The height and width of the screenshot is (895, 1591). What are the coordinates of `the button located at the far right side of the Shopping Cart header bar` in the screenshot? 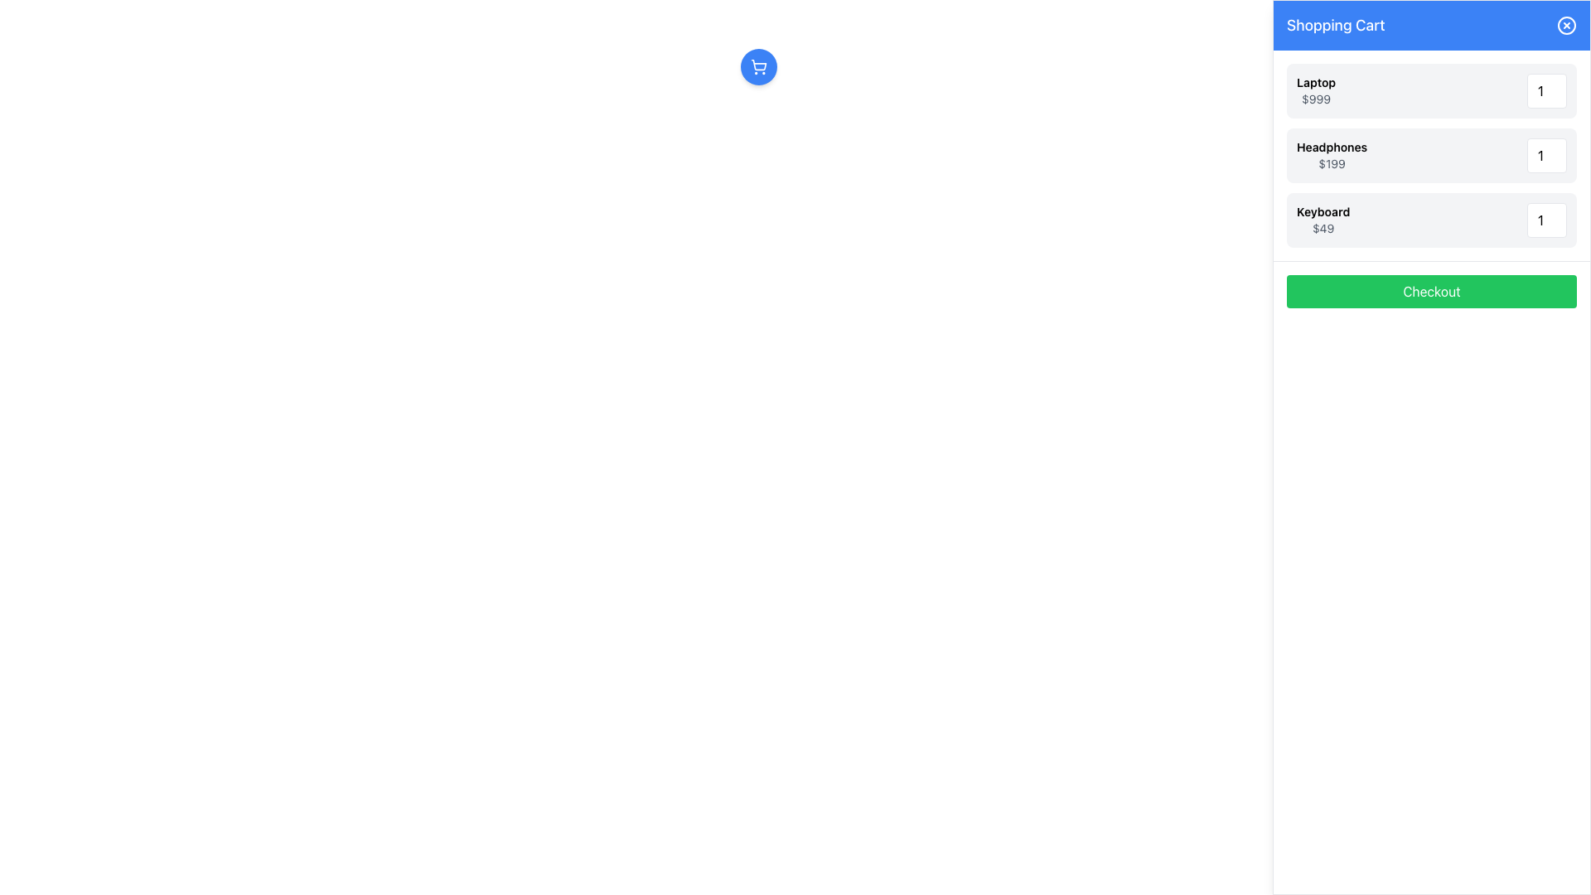 It's located at (1566, 25).